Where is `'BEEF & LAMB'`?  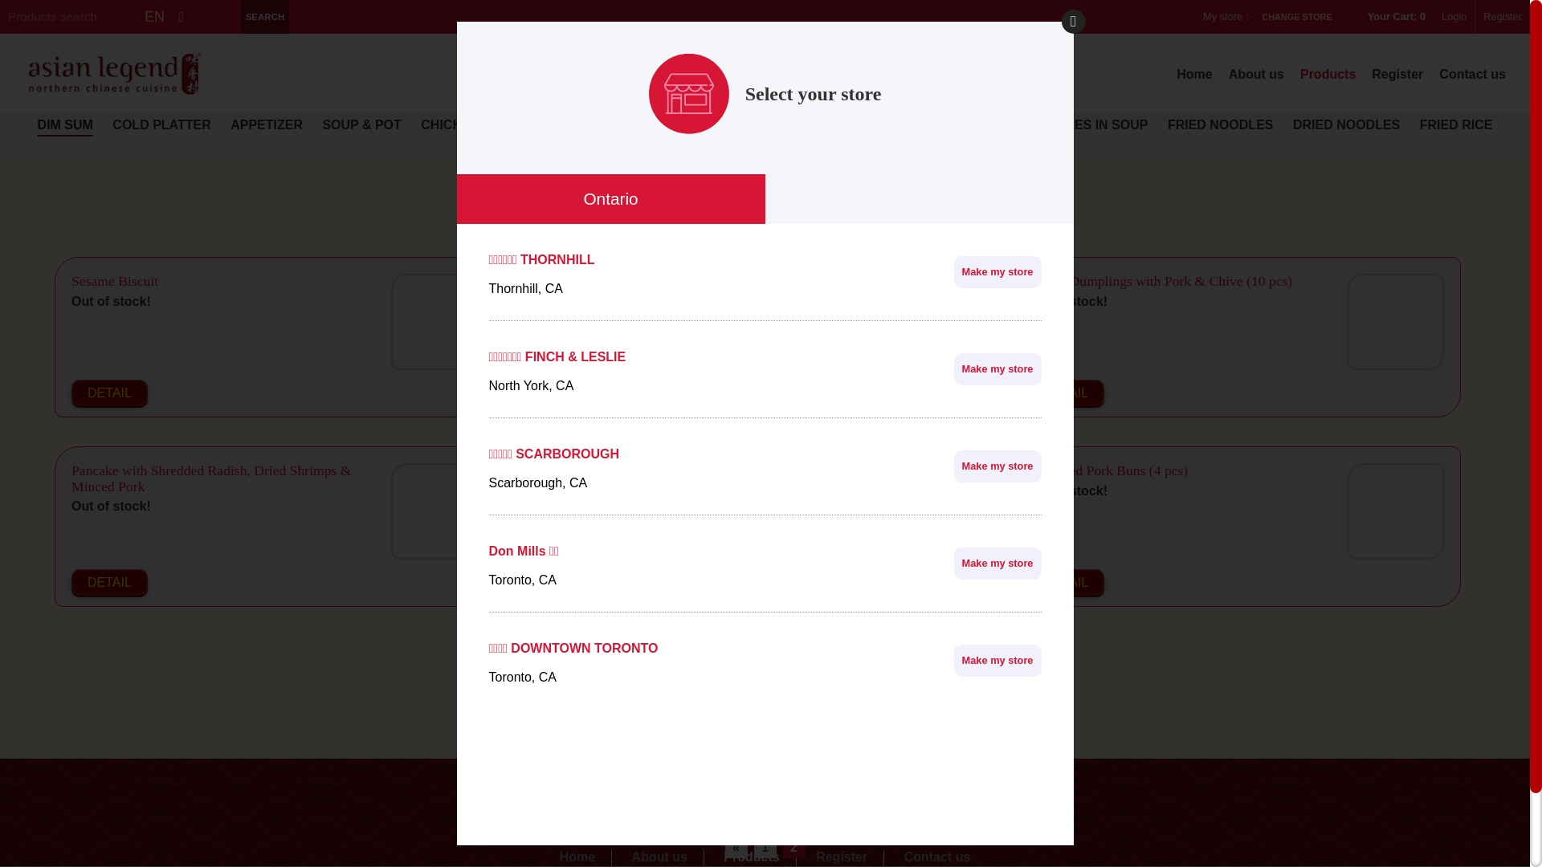
'BEEF & LAMB' is located at coordinates (552, 124).